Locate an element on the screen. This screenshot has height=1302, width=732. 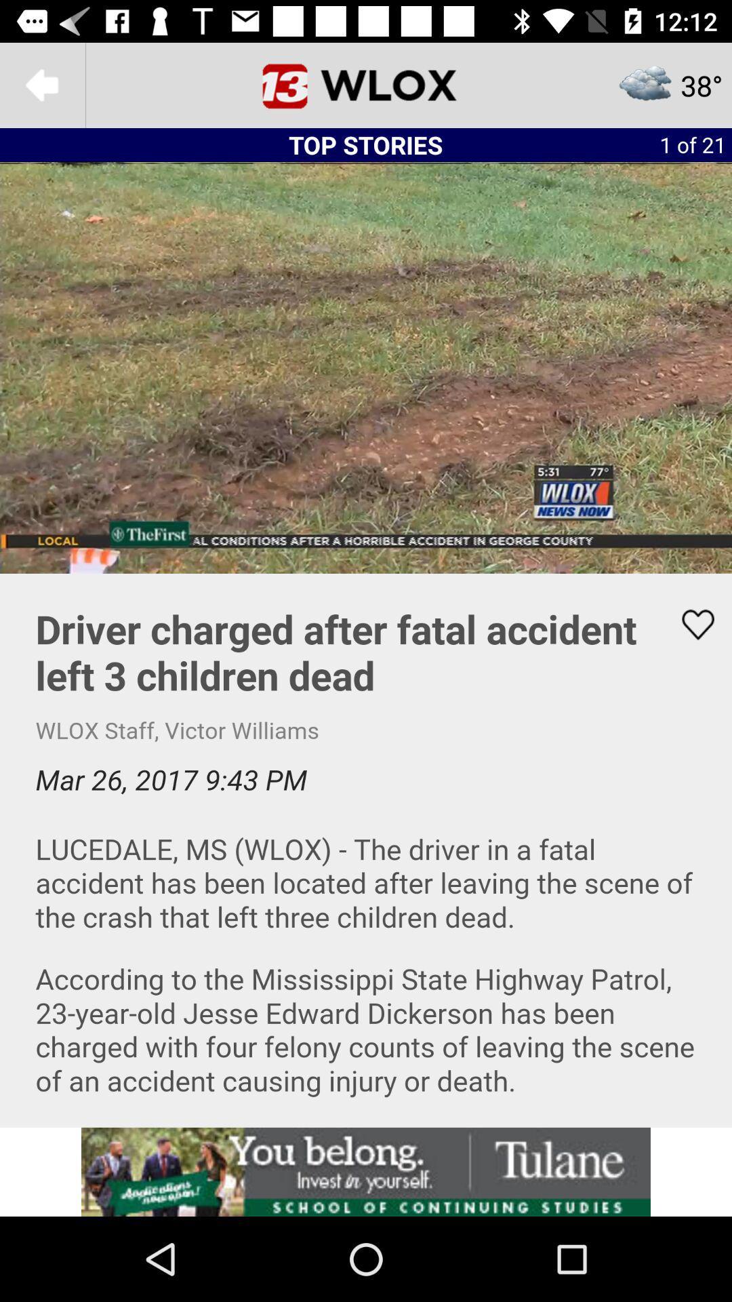
advertisement is located at coordinates (366, 1171).